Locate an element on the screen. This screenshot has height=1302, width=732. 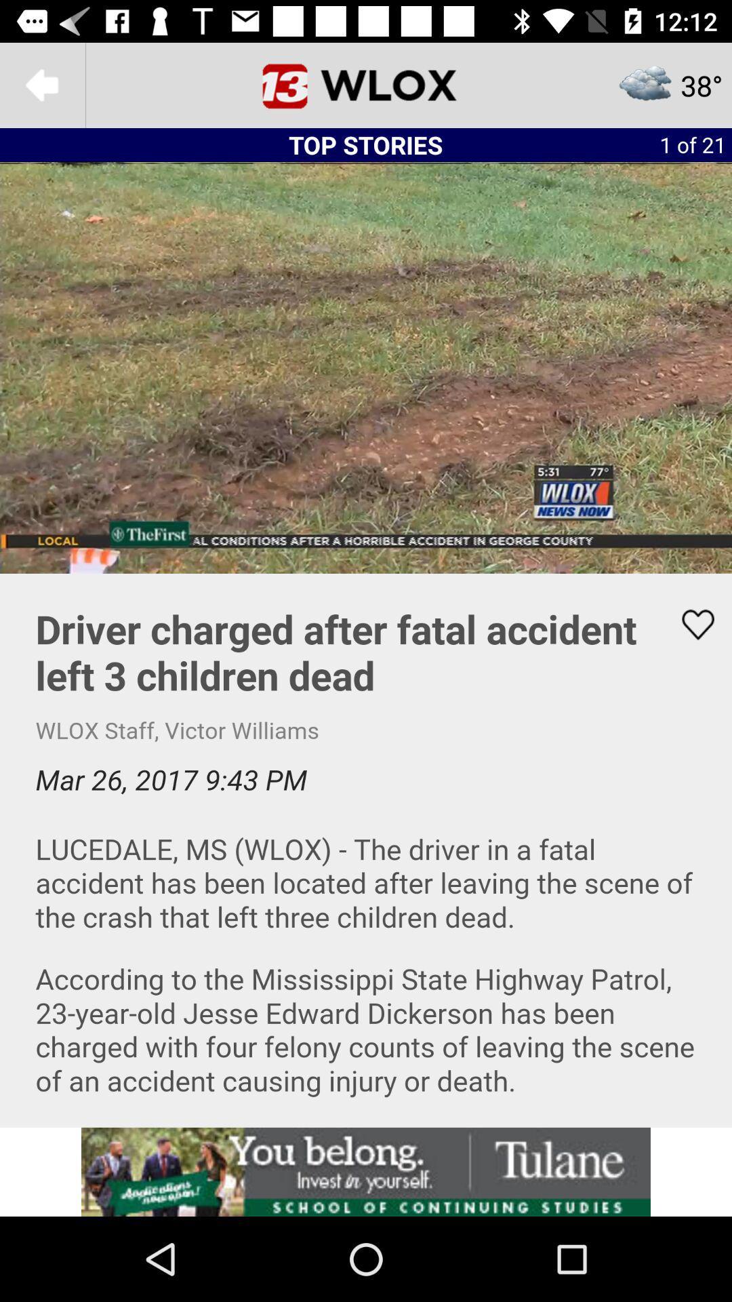
advertisement is located at coordinates (366, 1171).